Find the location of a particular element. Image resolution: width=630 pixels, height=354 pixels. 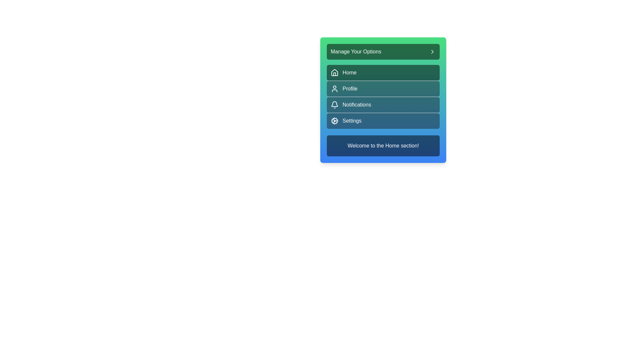

the cogwheel-shaped icon located in the upper-right quadrant of the interface, which serves as a visual cue for the 'Settings' option is located at coordinates (334, 121).